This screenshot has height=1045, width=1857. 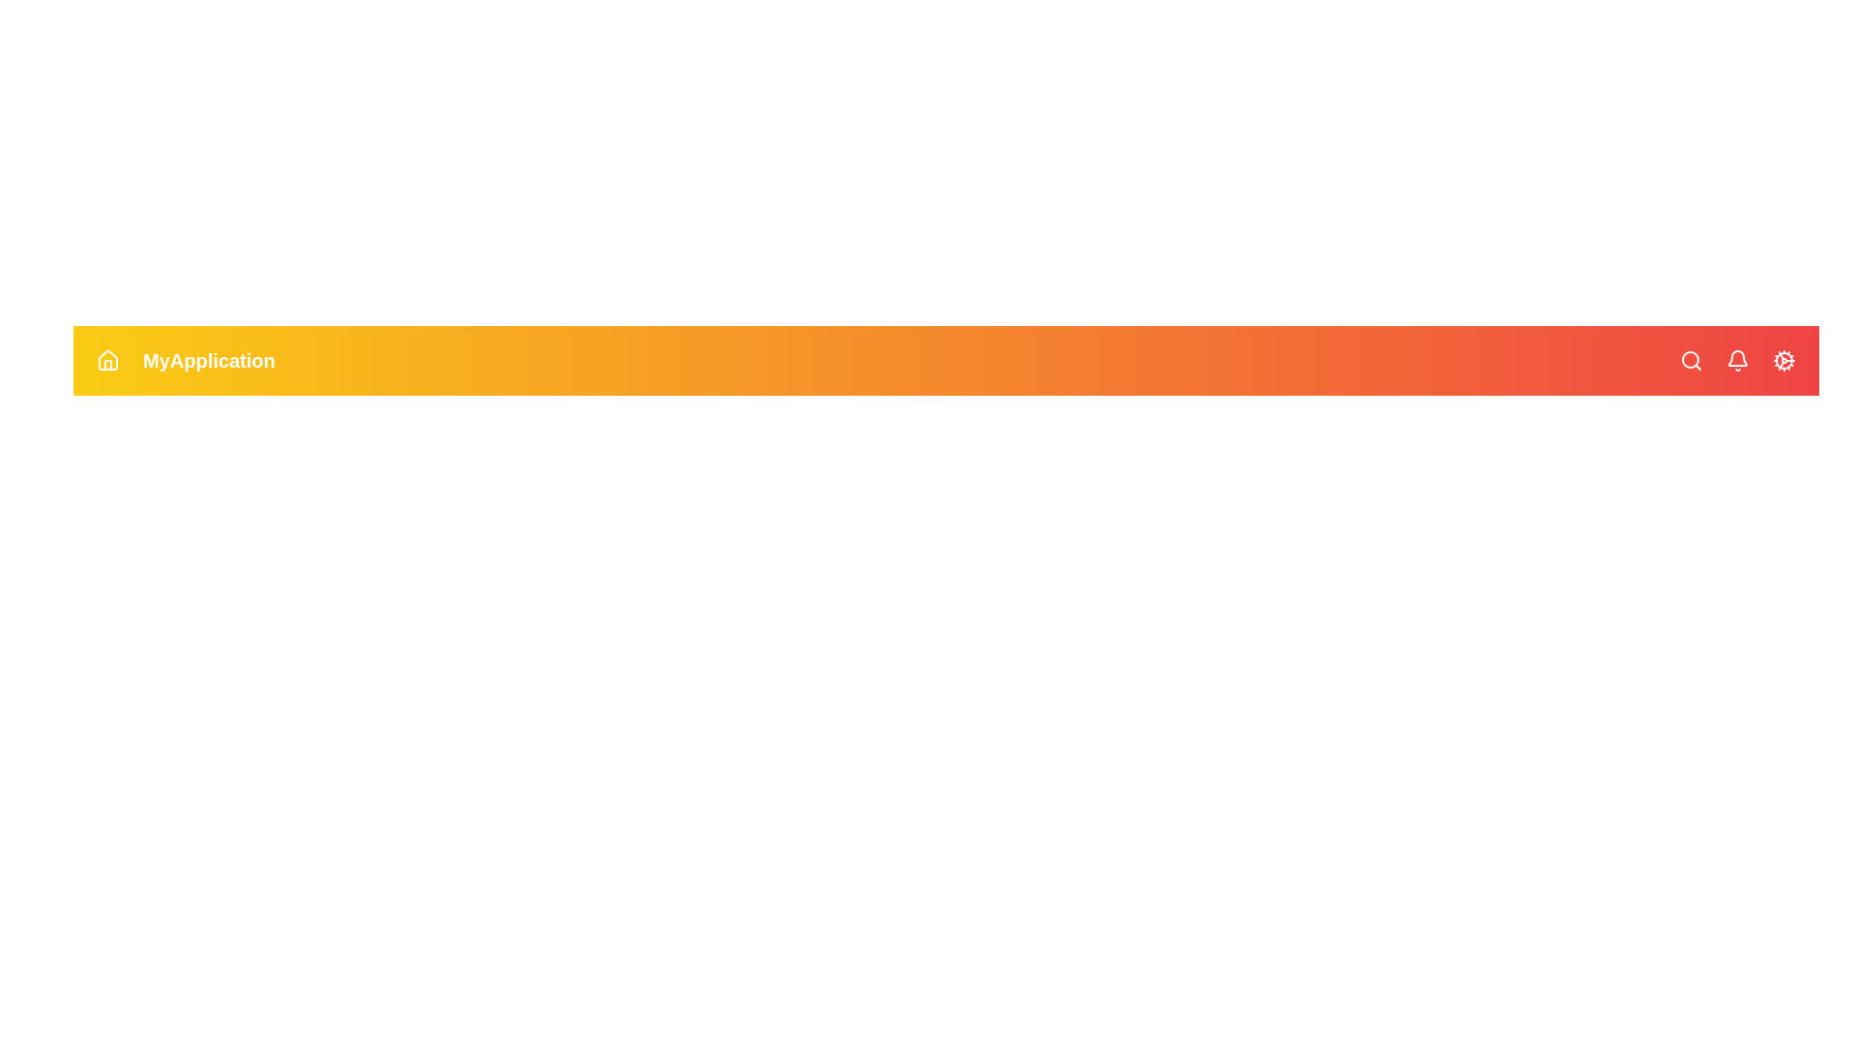 What do you see at coordinates (1737, 361) in the screenshot?
I see `the Notification button, which is the second button from the right in a row of three buttons on the far right end of the navigation bar` at bounding box center [1737, 361].